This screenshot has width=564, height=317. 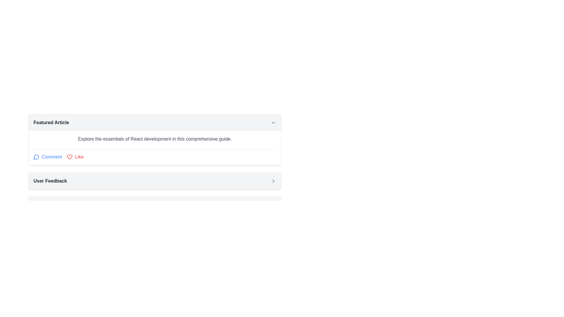 I want to click on the 'Comment' button, which is styled in blue and features a speech bubble icon, located below the React development guide text and to the left of the 'Like' option, so click(x=48, y=157).